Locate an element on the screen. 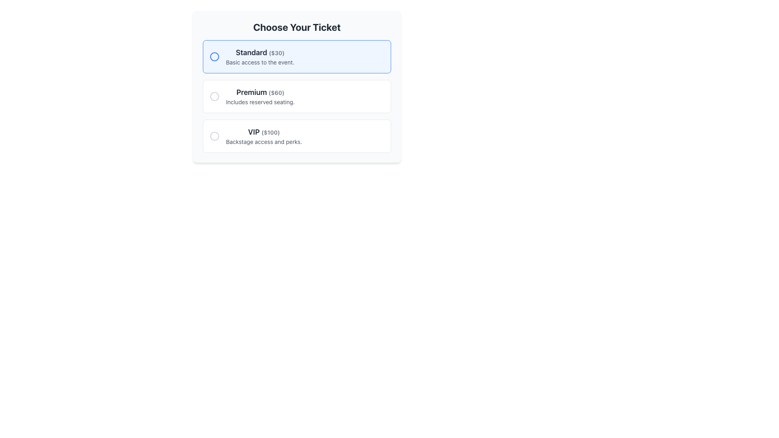  the 'VIP' ticket option description box, which provides details about the $100 ticket offering with backstage access and perks, located as the third option in the vertical list is located at coordinates (264, 135).